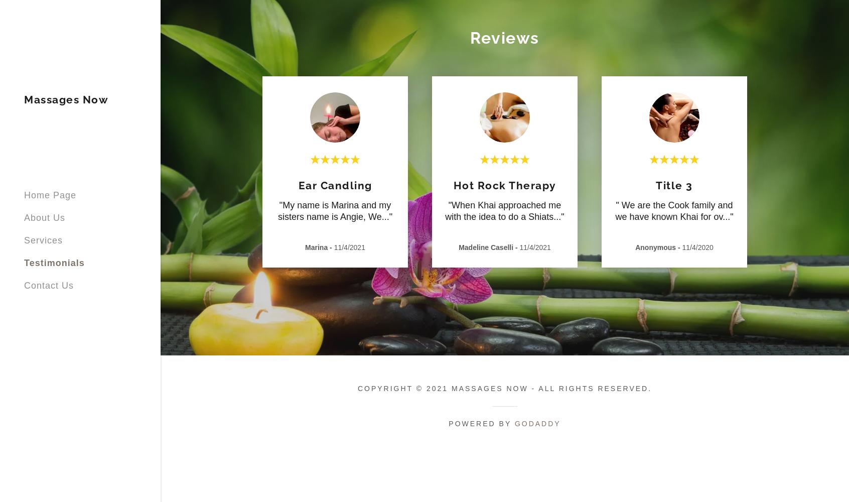 The height and width of the screenshot is (502, 849). What do you see at coordinates (448, 205) in the screenshot?
I see `'"When Khai approached me'` at bounding box center [448, 205].